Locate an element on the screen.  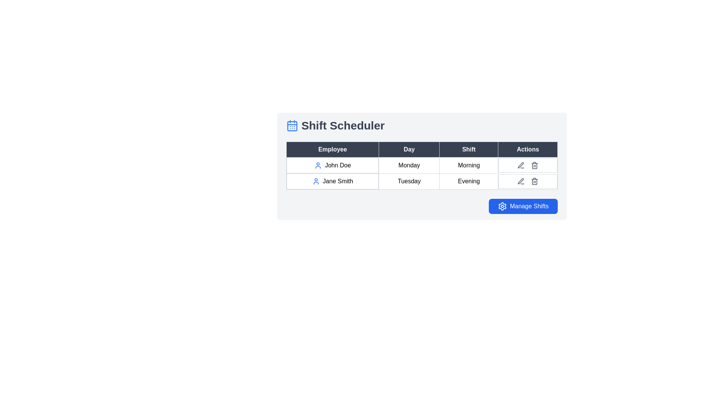
text label indicating the day 'Tuesday' in the second row and second column of the shift scheduling table is located at coordinates (409, 181).